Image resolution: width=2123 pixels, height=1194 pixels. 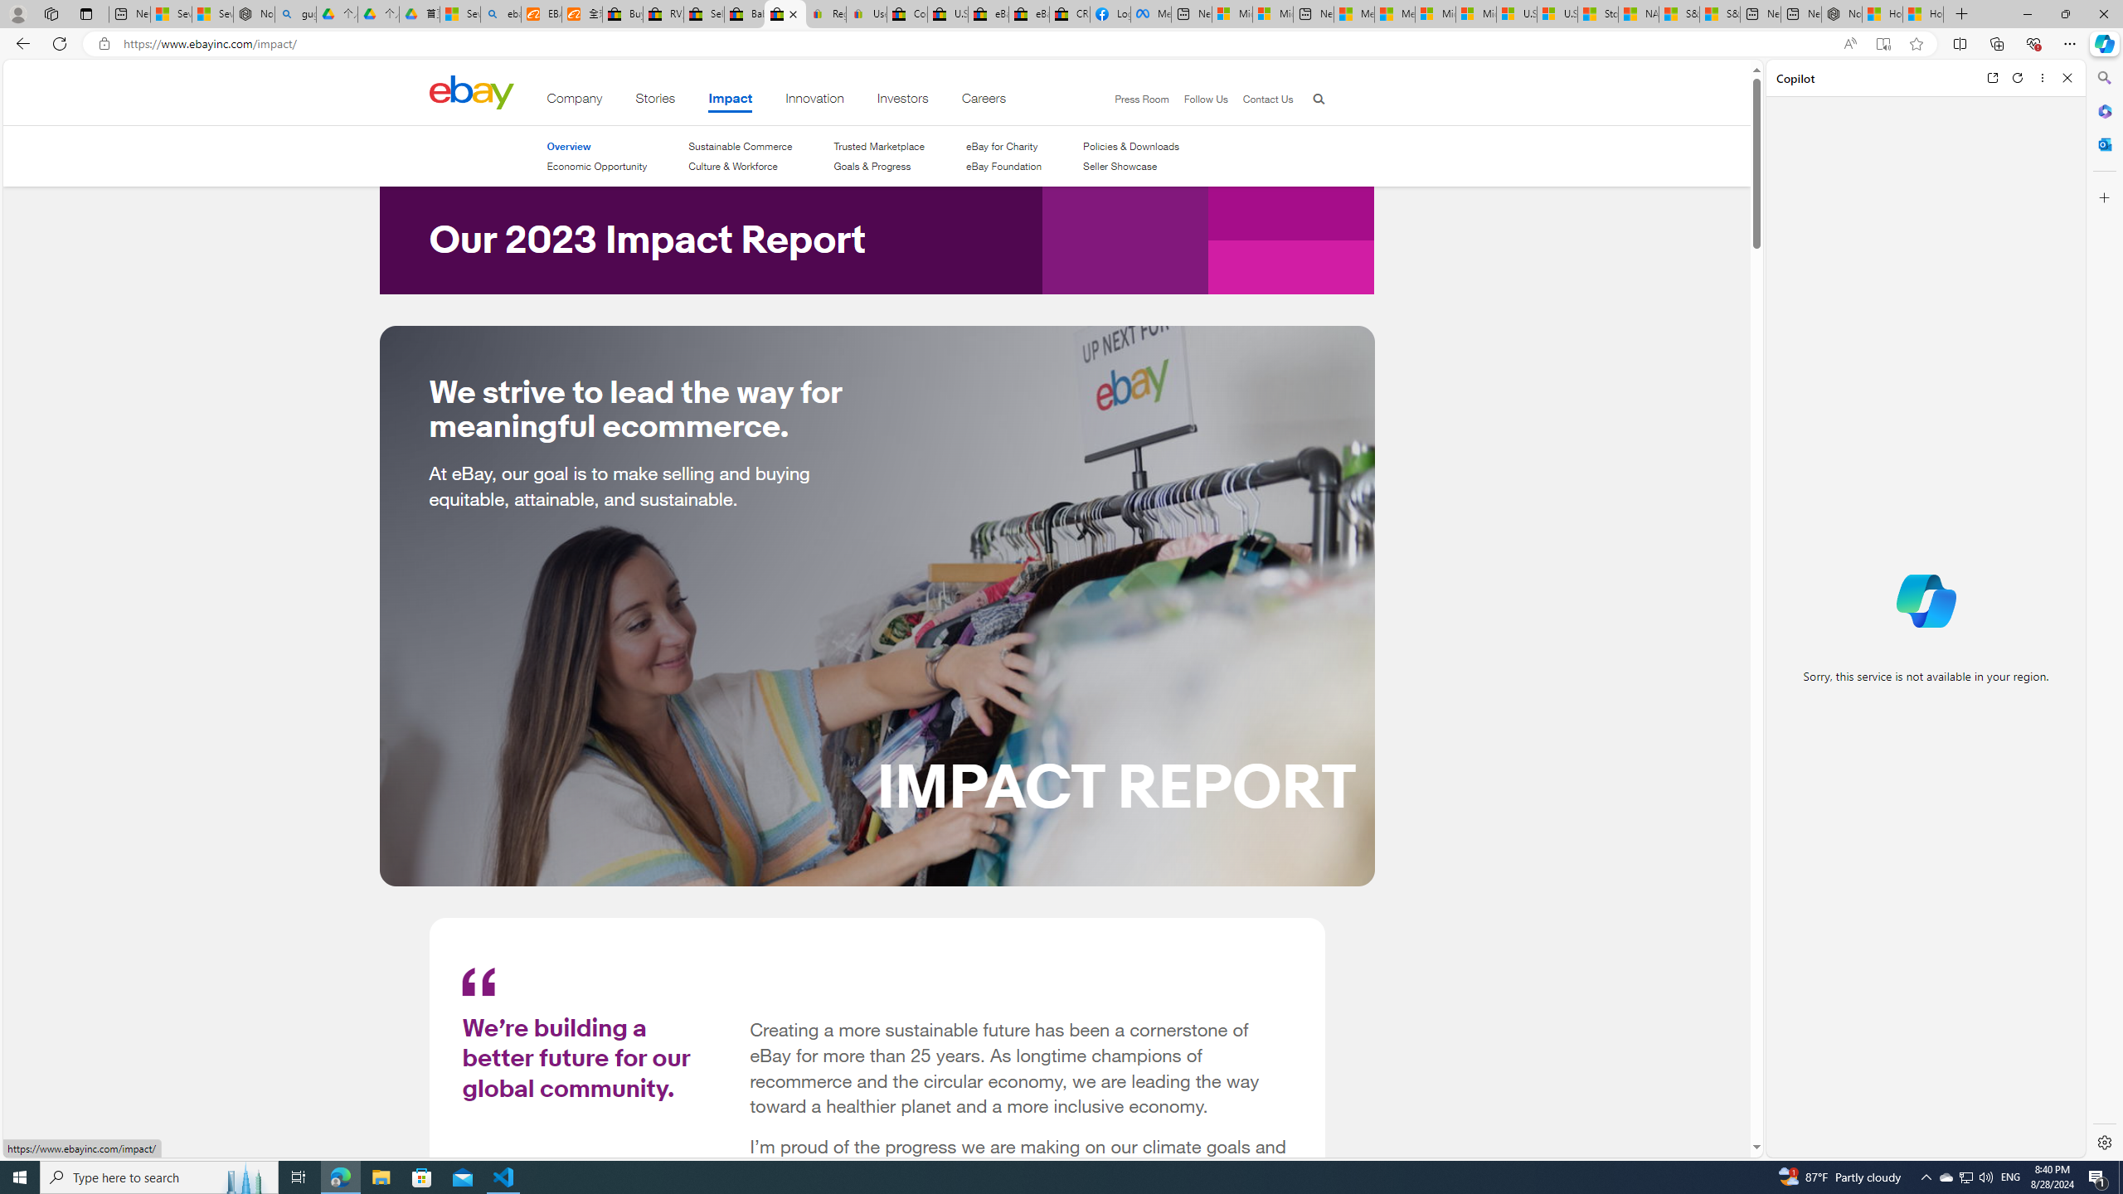 I want to click on 'Goals & Progress', so click(x=879, y=165).